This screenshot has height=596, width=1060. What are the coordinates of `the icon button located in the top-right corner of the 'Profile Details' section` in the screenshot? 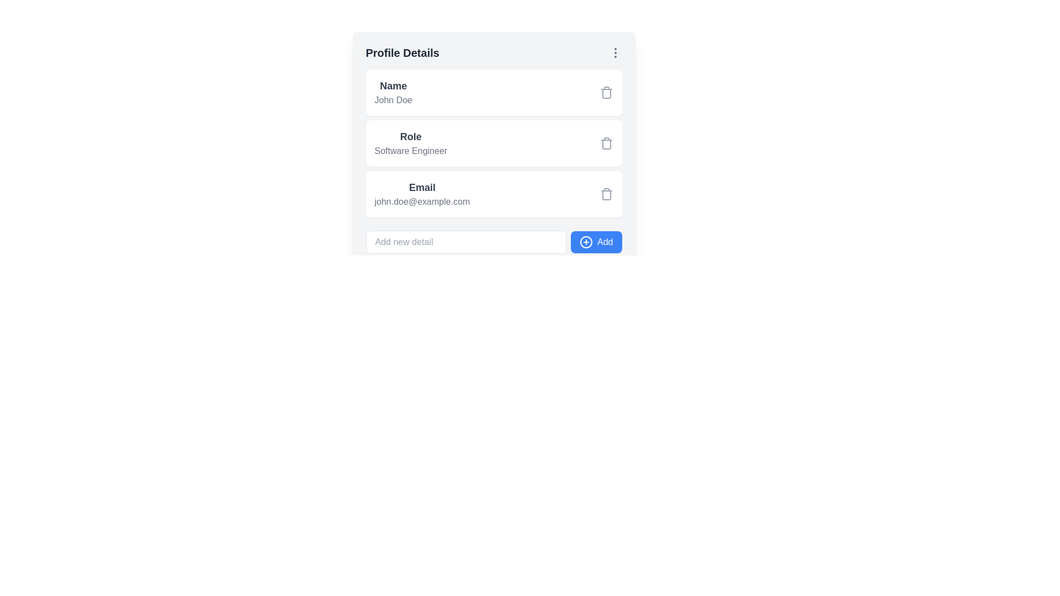 It's located at (614, 53).